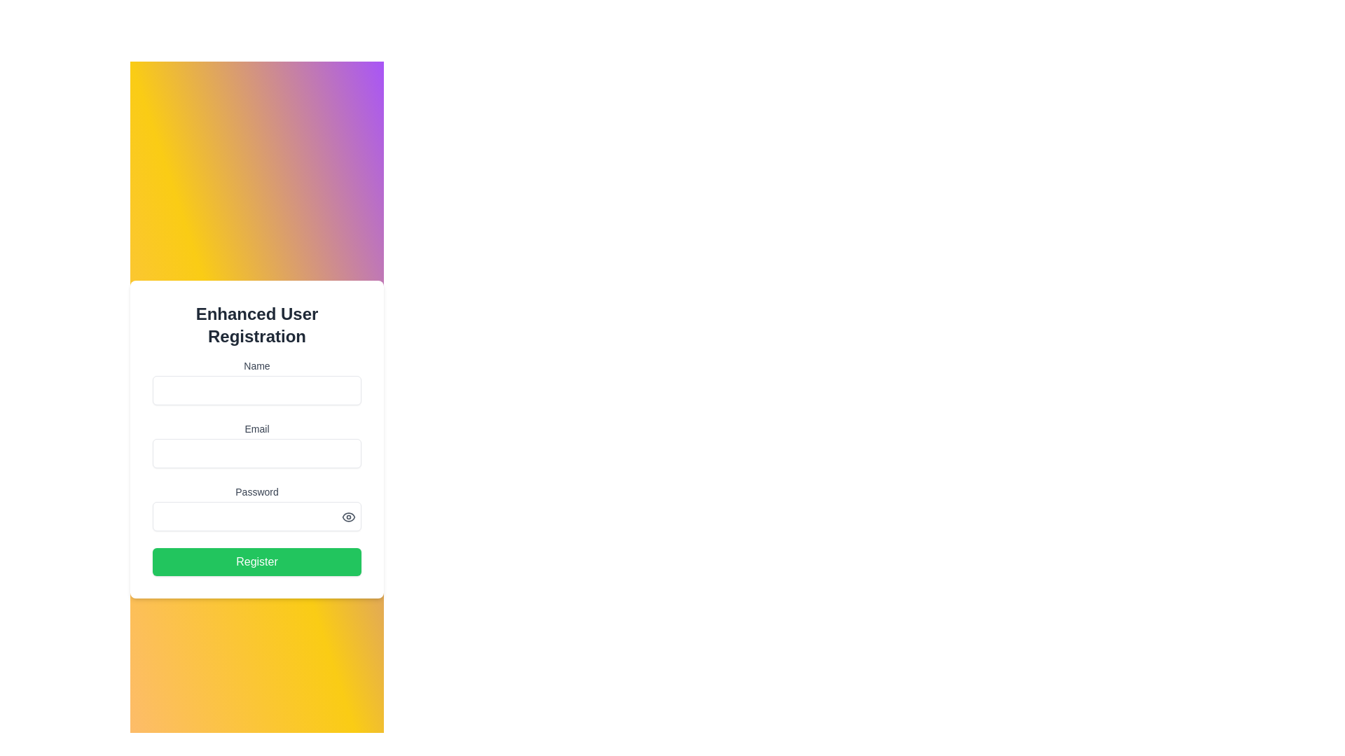 Image resolution: width=1345 pixels, height=756 pixels. I want to click on the Text label that serves as a description for the password input field, located directly above it in the form section, so click(256, 491).